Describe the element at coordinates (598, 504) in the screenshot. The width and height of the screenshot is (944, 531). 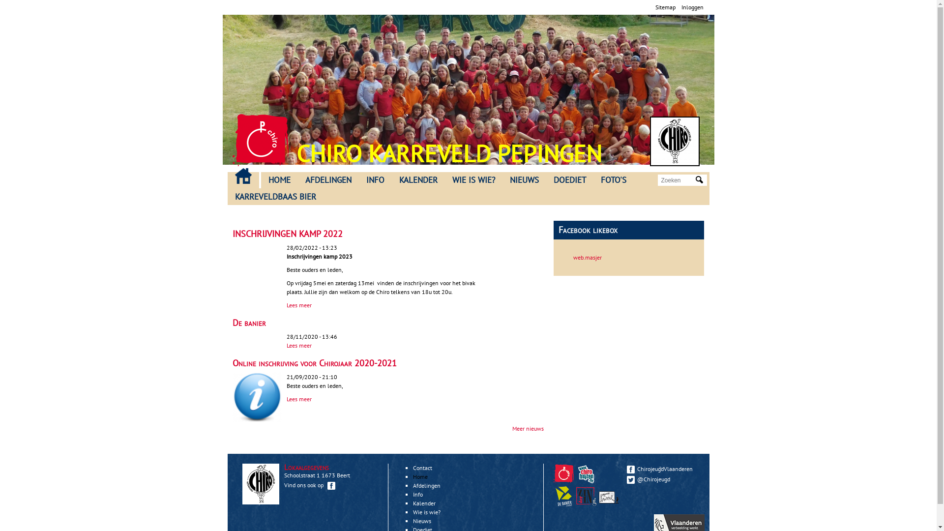
I see `'Zindering'` at that location.